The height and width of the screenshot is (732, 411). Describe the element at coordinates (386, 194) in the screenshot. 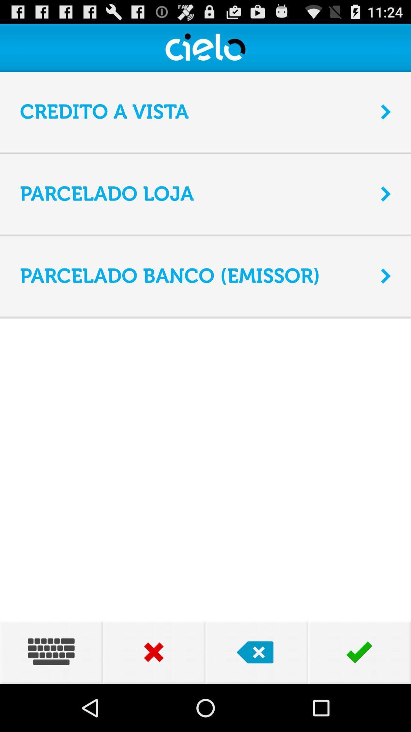

I see `the app to the right of parcelado loja icon` at that location.